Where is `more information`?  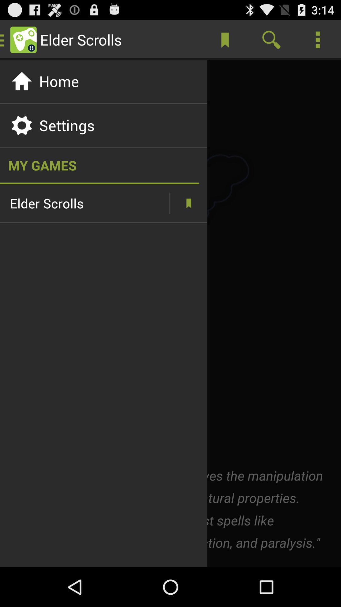 more information is located at coordinates (188, 203).